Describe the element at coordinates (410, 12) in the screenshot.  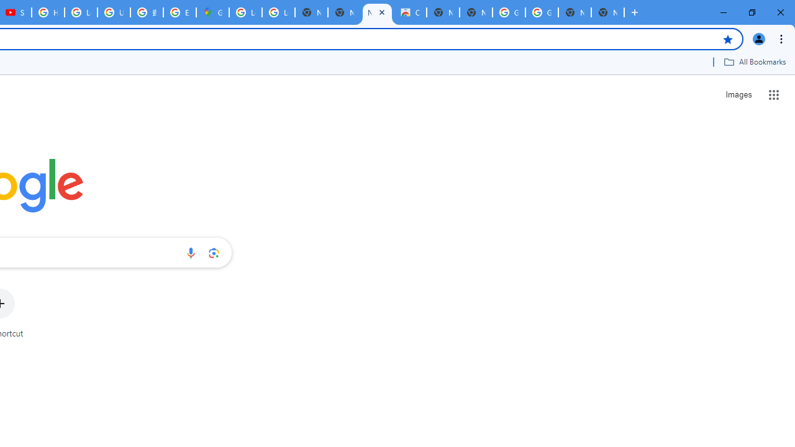
I see `'Chrome Web Store'` at that location.